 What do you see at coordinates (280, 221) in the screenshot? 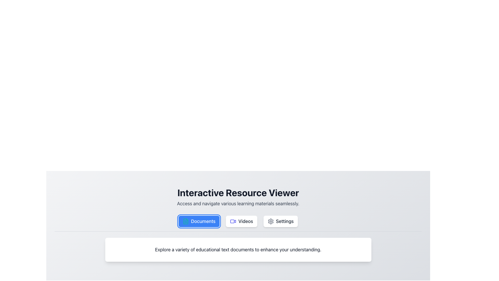
I see `the 'Settings' button, which is the third button from the left in a group of similar buttons` at bounding box center [280, 221].